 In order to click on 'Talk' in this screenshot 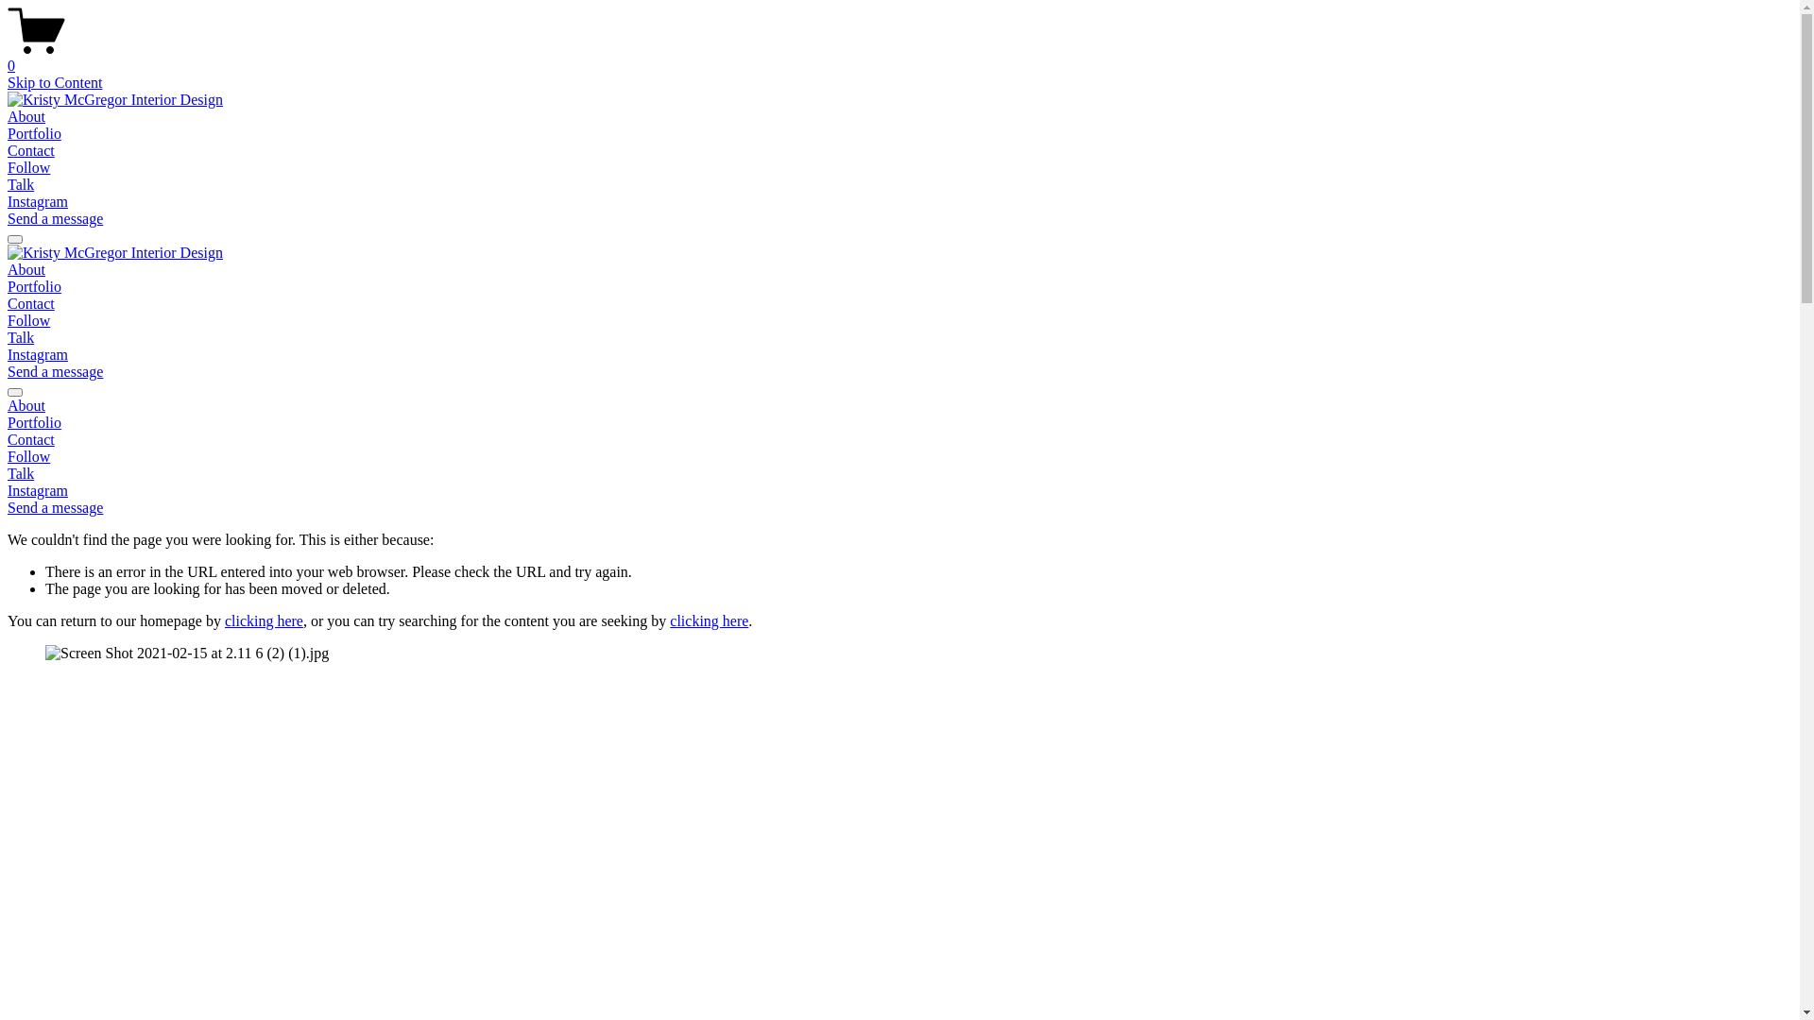, I will do `click(21, 336)`.